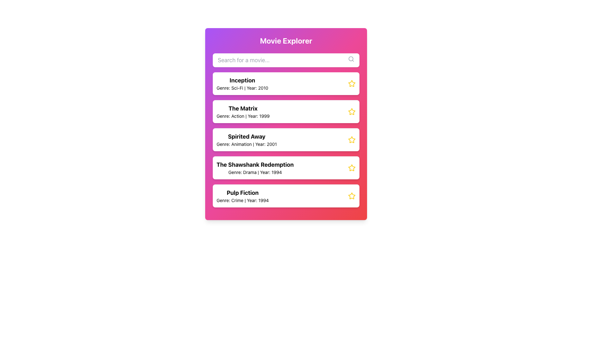  I want to click on text label displaying 'Pulp Fiction' which is located in the bottom card of the list on the main panel, positioned directly above the subtitle line 'Genre: Crime | Year: 1994', so click(242, 192).